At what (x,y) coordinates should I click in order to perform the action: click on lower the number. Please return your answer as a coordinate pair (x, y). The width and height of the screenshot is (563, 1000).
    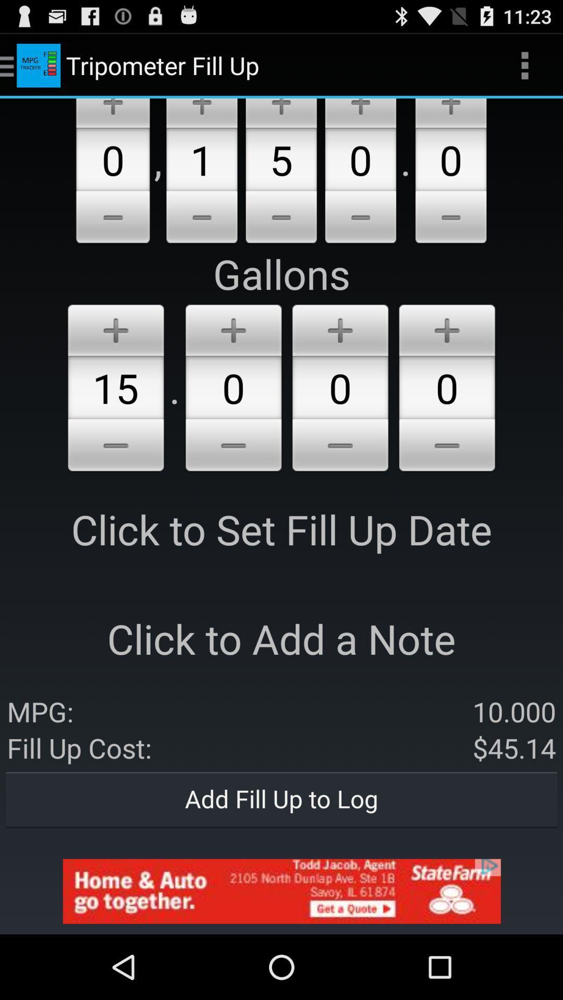
    Looking at the image, I should click on (113, 218).